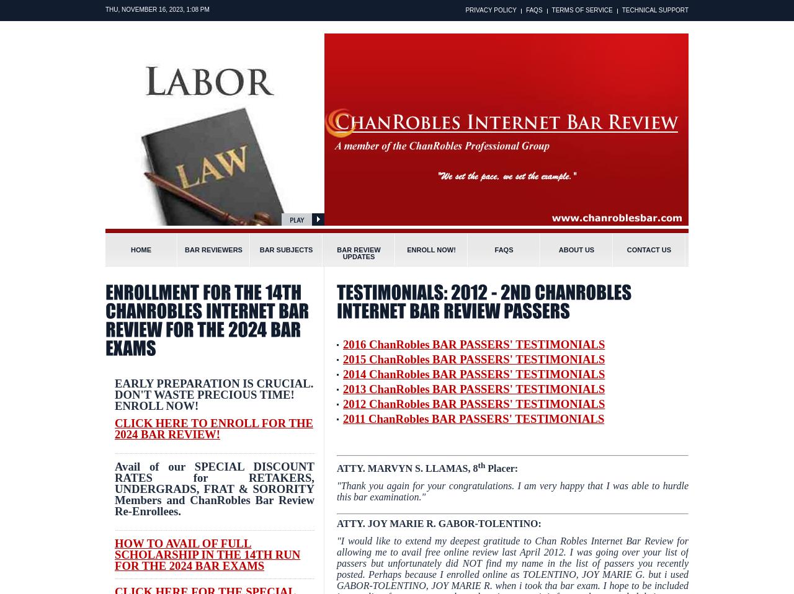  I want to click on 'FAQS', so click(533, 9).